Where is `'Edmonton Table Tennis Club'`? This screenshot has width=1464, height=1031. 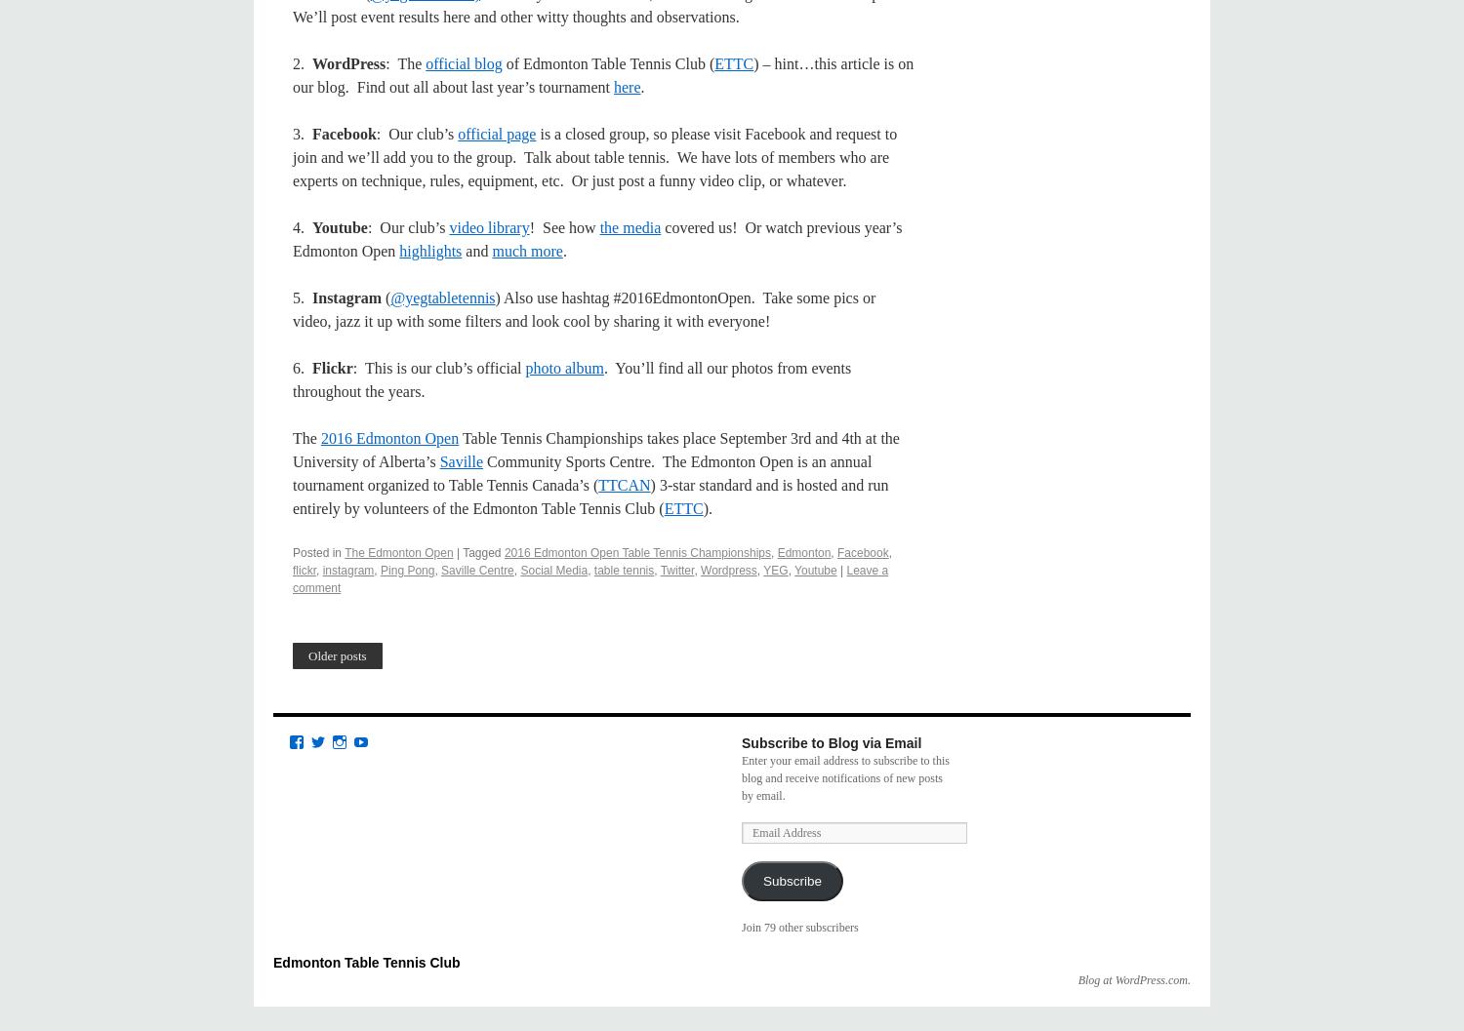
'Edmonton Table Tennis Club' is located at coordinates (366, 962).